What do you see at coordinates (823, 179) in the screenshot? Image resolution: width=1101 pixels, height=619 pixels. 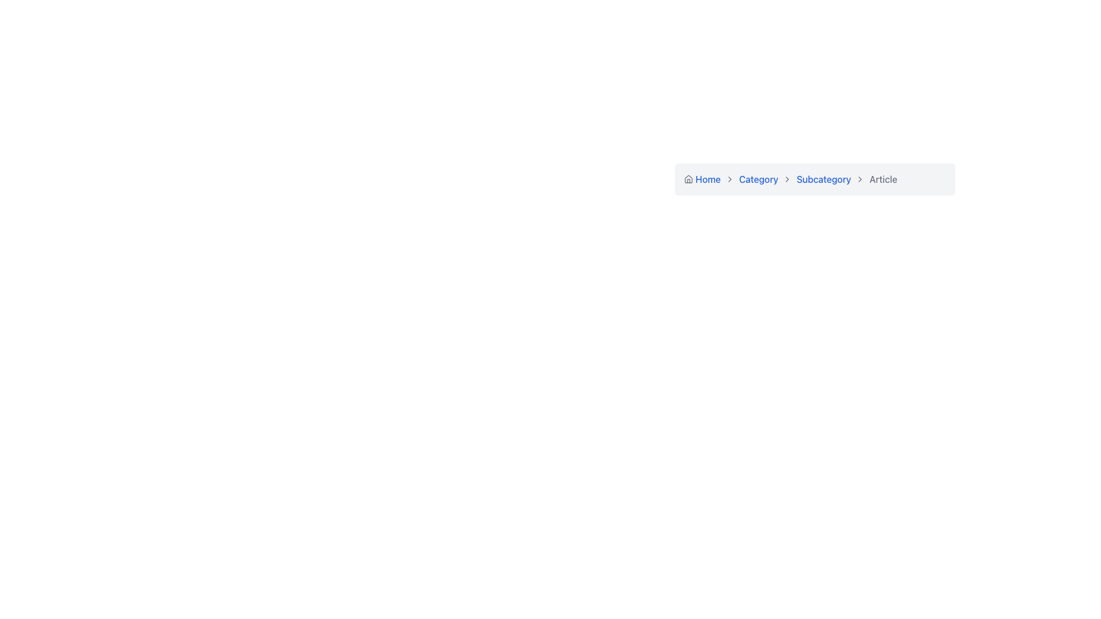 I see `the 'Subcategory' hyperlink in the breadcrumb navigation` at bounding box center [823, 179].